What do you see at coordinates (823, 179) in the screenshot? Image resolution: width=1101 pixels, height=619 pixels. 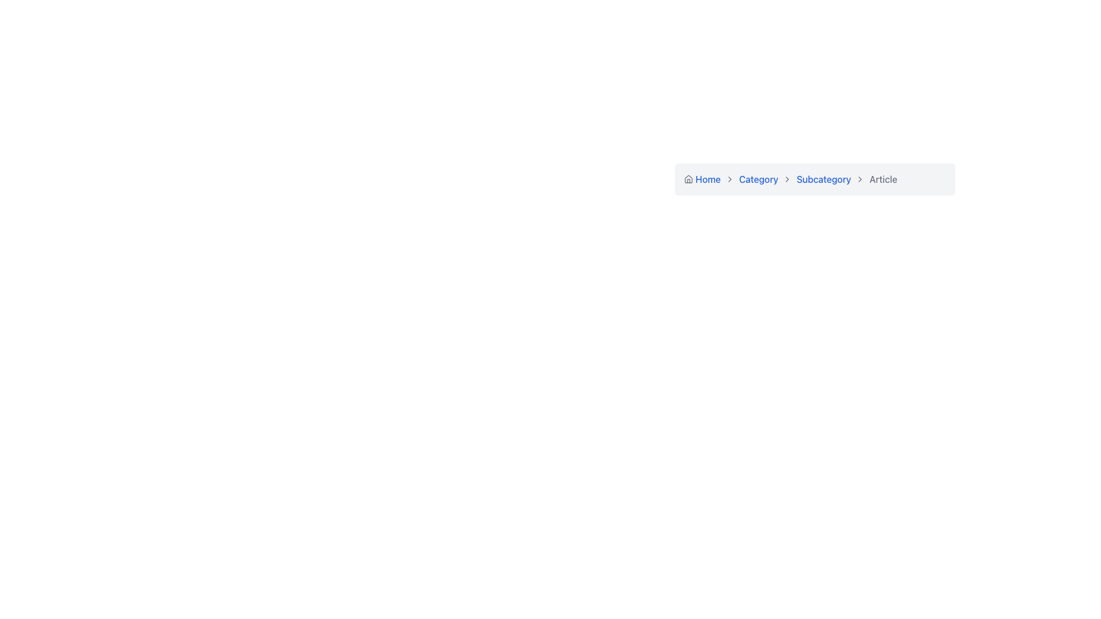 I see `the 'Subcategory' hyperlink in the breadcrumb navigation` at bounding box center [823, 179].